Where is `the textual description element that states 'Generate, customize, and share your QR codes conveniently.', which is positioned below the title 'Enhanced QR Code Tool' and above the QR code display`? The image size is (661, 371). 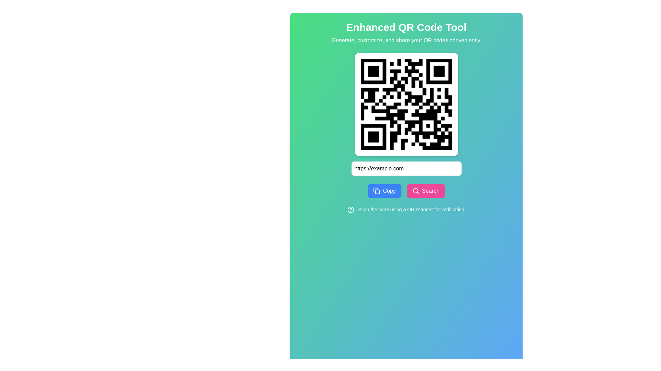 the textual description element that states 'Generate, customize, and share your QR codes conveniently.', which is positioned below the title 'Enhanced QR Code Tool' and above the QR code display is located at coordinates (406, 41).